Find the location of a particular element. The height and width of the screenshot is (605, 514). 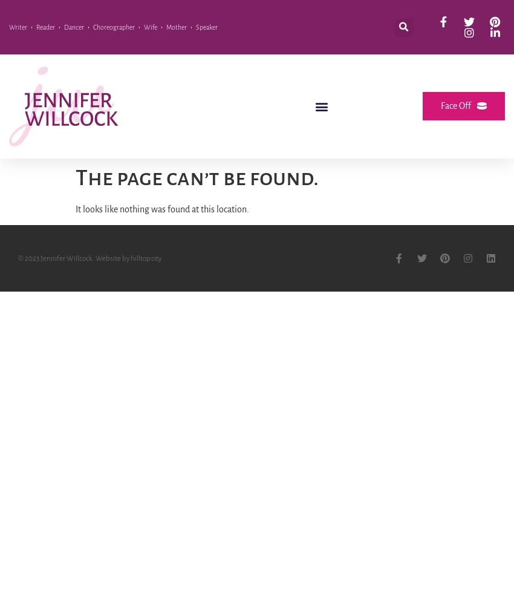

'Speaker' is located at coordinates (206, 27).